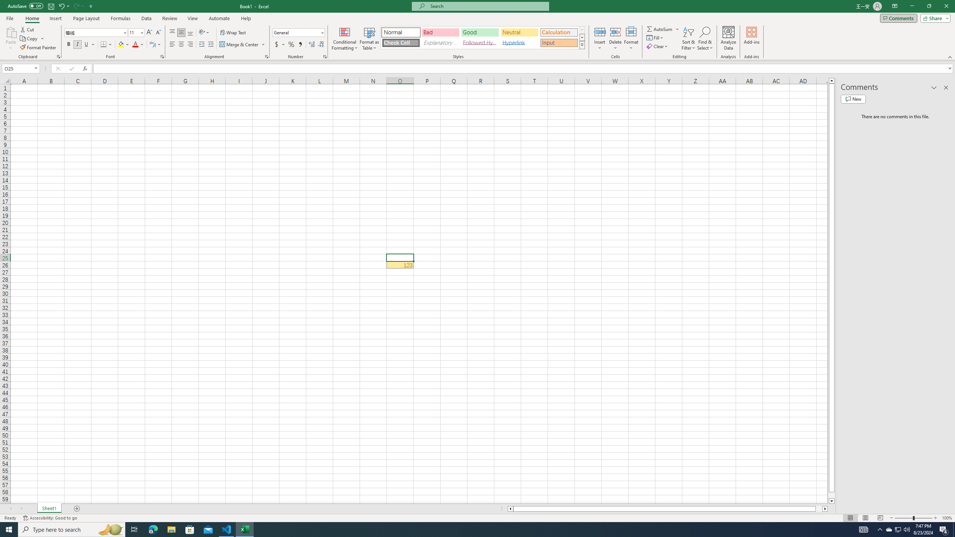  I want to click on 'Bold', so click(68, 44).